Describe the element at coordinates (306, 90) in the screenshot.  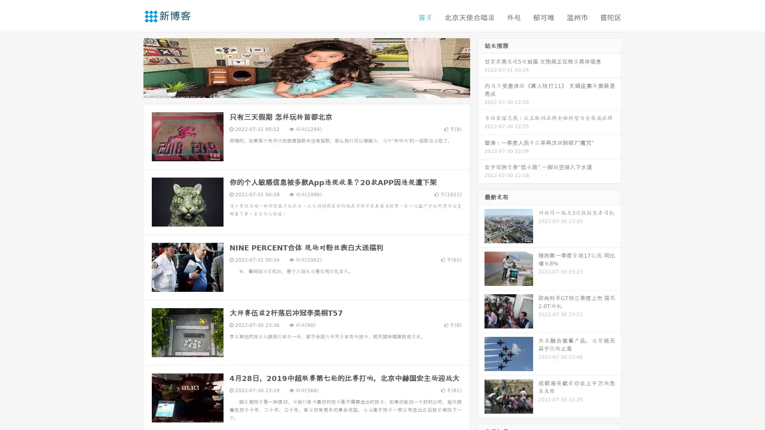
I see `Go to slide 2` at that location.